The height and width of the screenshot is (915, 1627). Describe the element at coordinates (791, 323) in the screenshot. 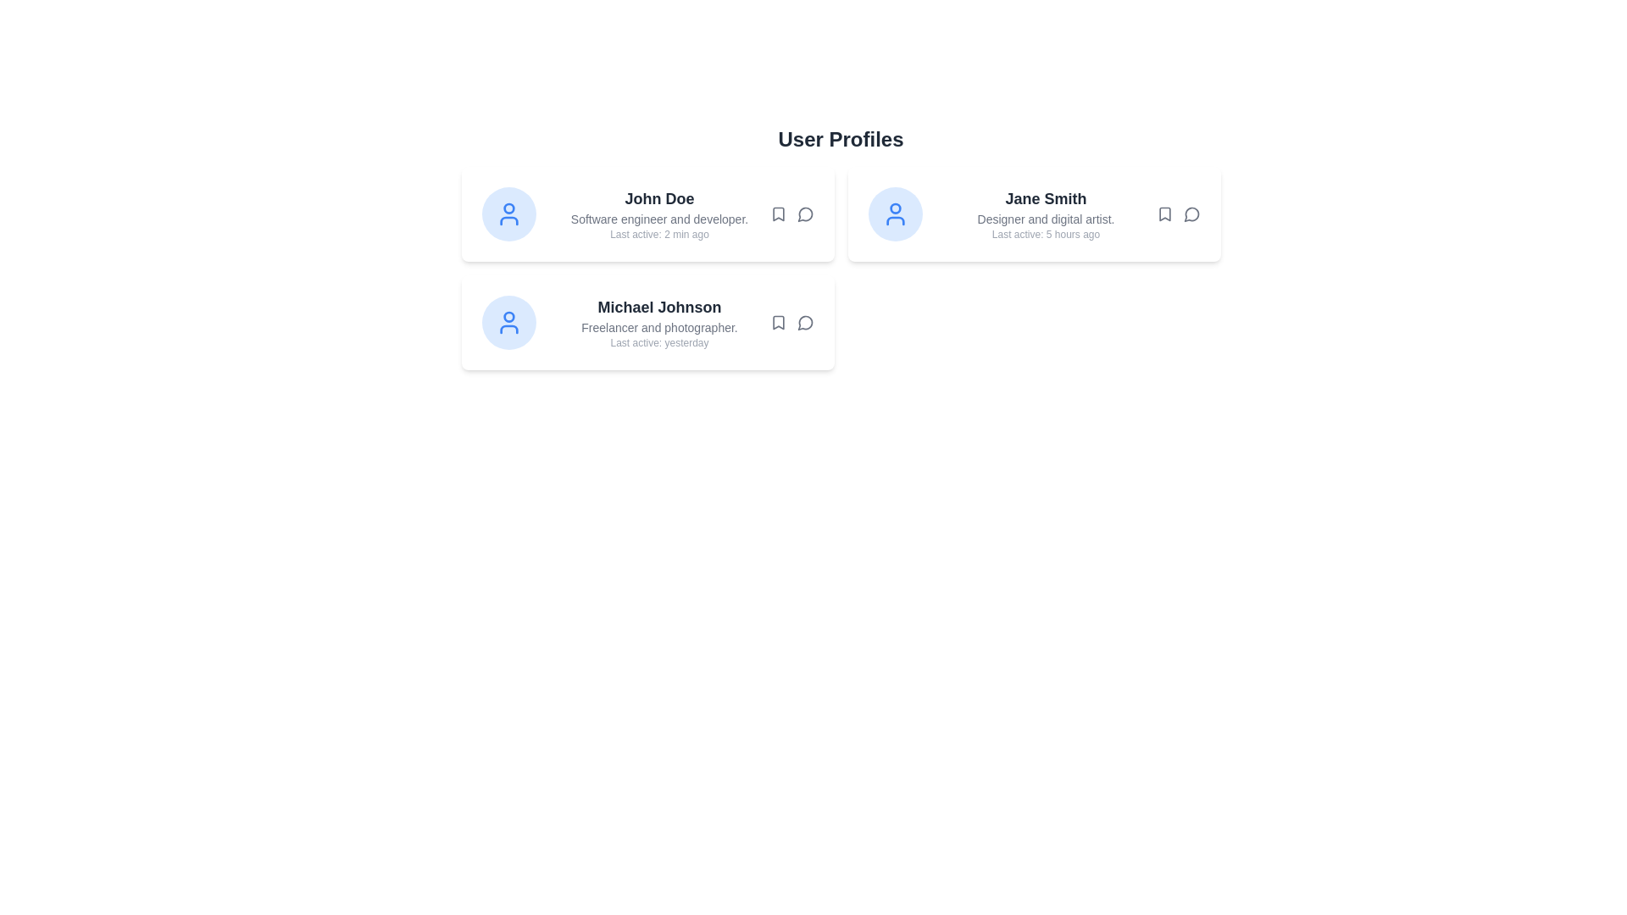

I see `the bookmark icon in the horizontal icon group located in the bottom-right corner of Michael Johnson's profile card` at that location.